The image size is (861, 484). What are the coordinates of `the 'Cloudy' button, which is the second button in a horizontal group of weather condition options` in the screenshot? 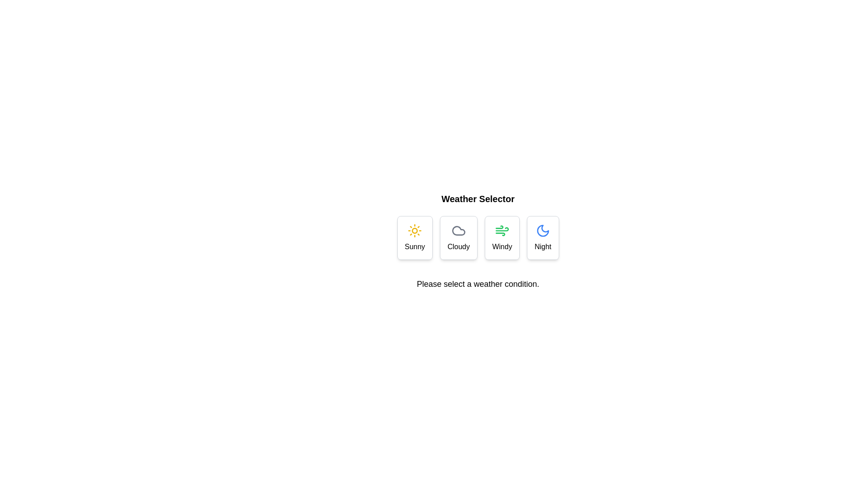 It's located at (458, 238).